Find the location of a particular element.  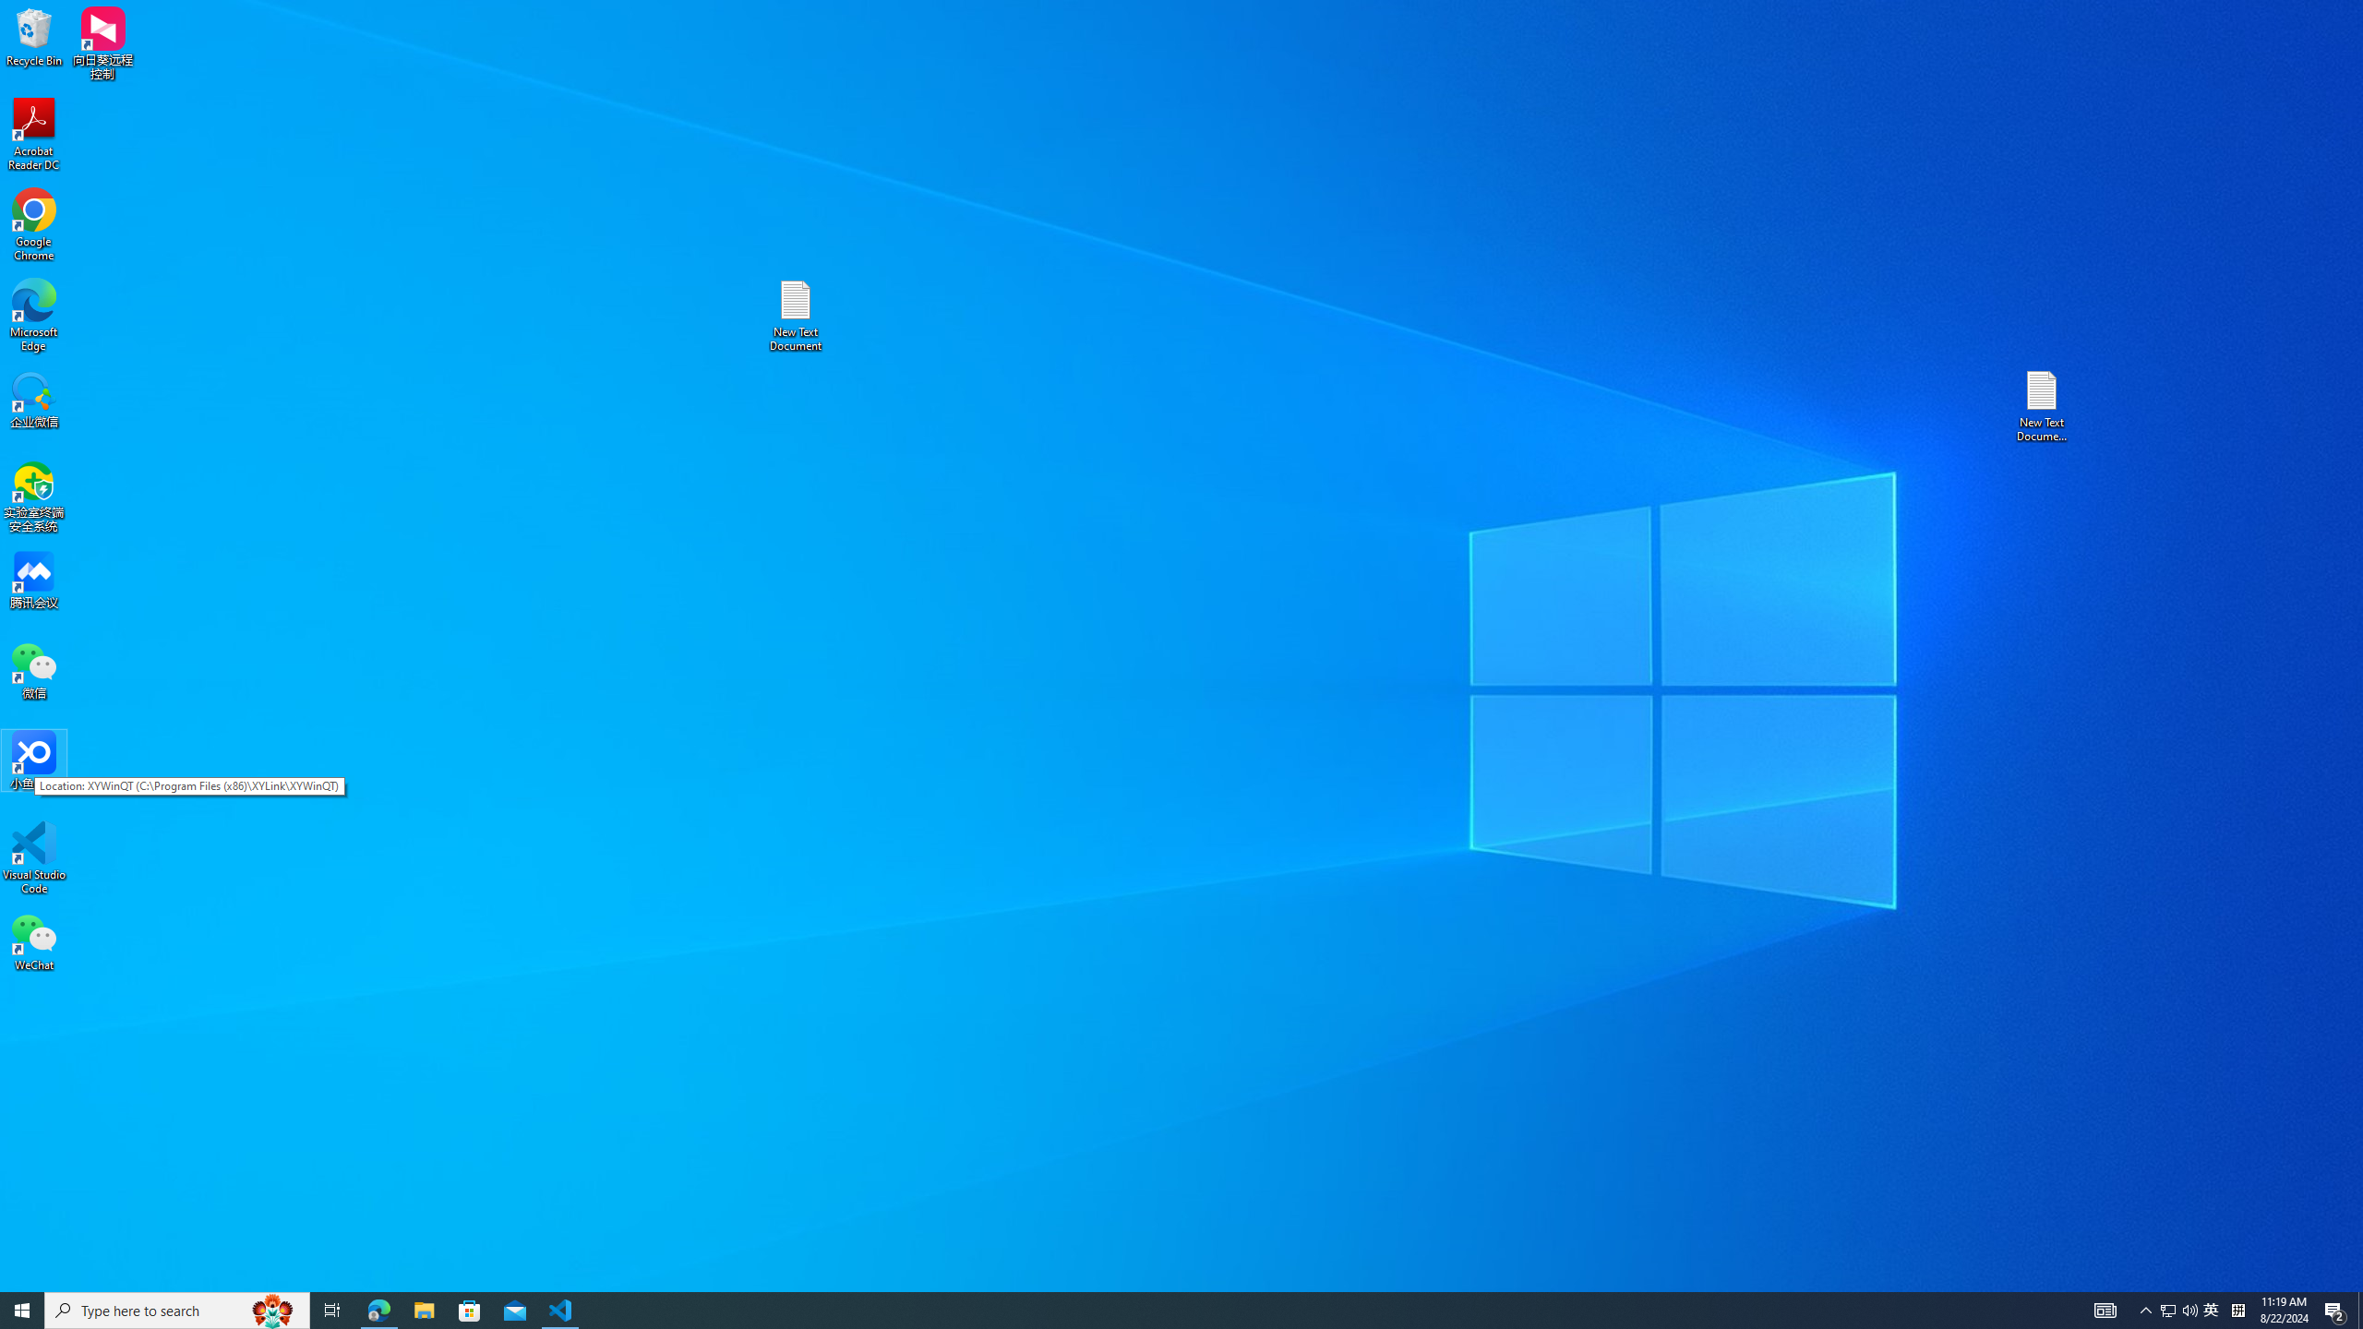

'Microsoft Edge' is located at coordinates (33, 315).